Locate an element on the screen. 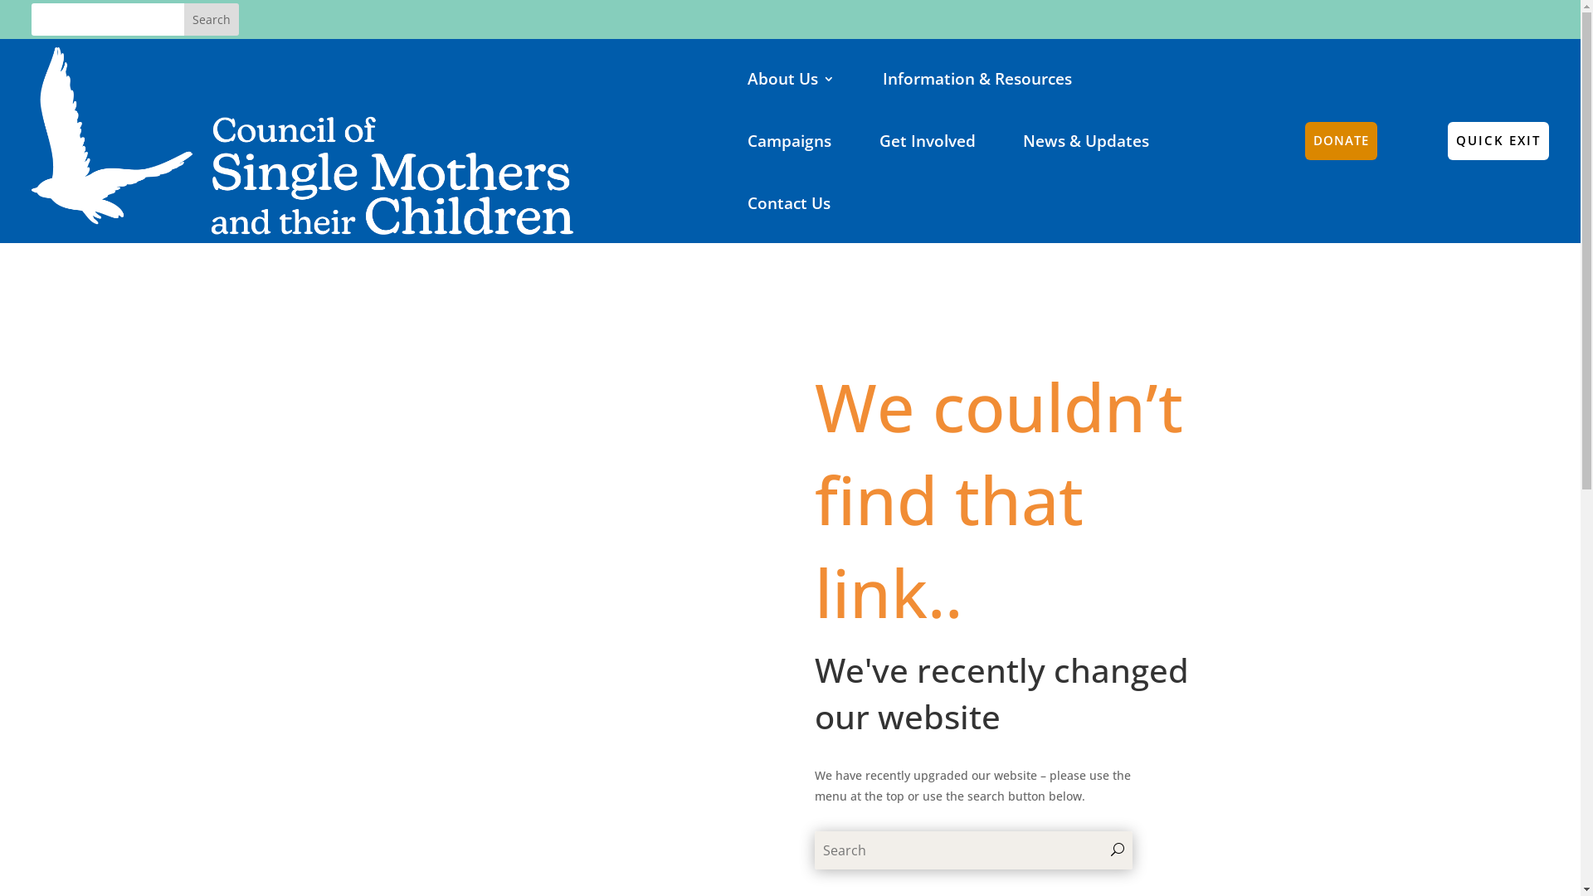 This screenshot has width=1593, height=896. 'About Us' is located at coordinates (790, 78).